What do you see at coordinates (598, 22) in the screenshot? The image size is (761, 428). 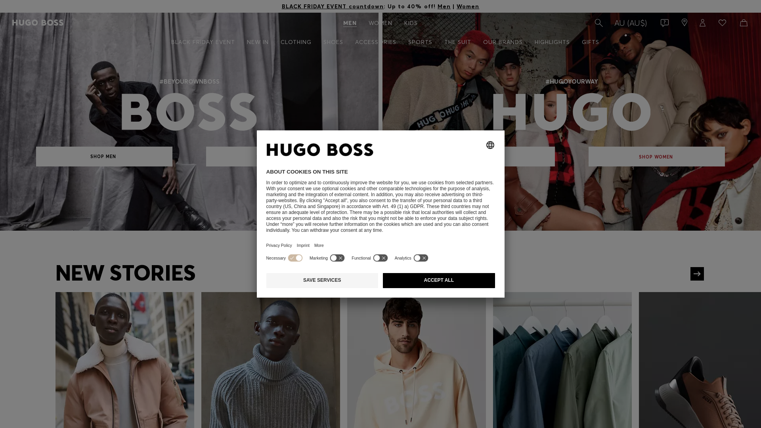 I see `'Search'` at bounding box center [598, 22].